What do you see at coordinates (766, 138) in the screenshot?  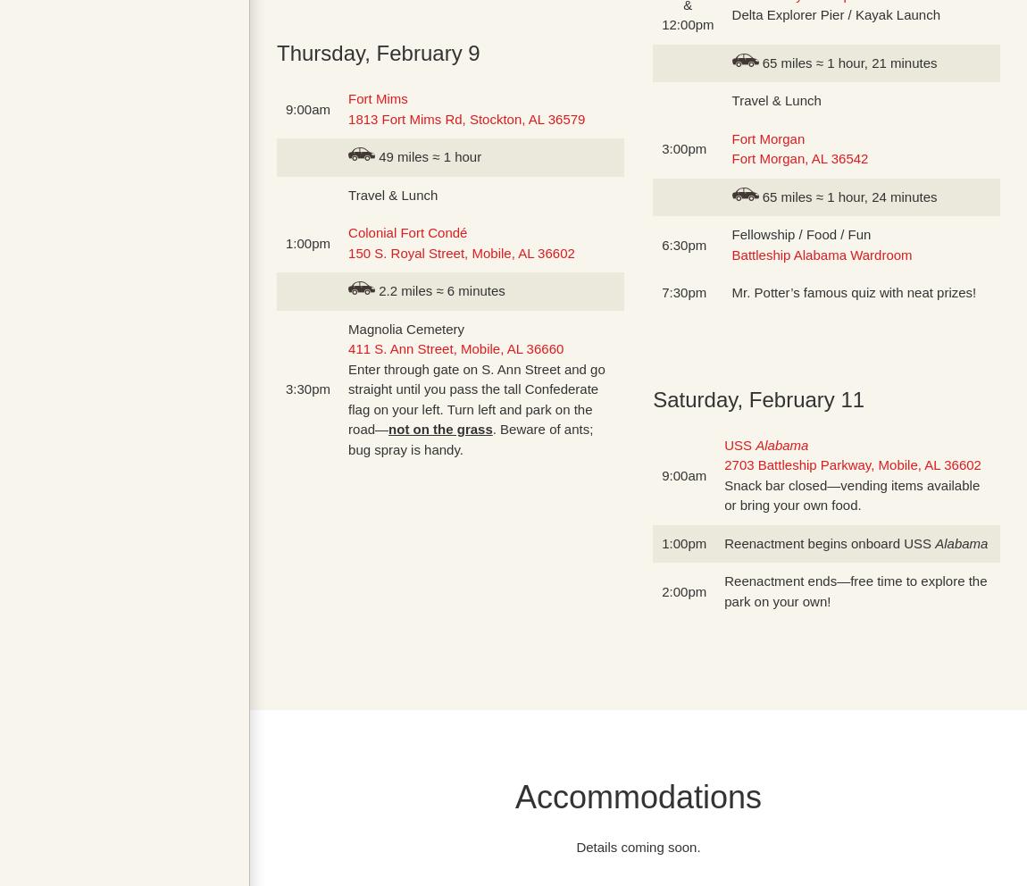 I see `'Fort Morgan'` at bounding box center [766, 138].